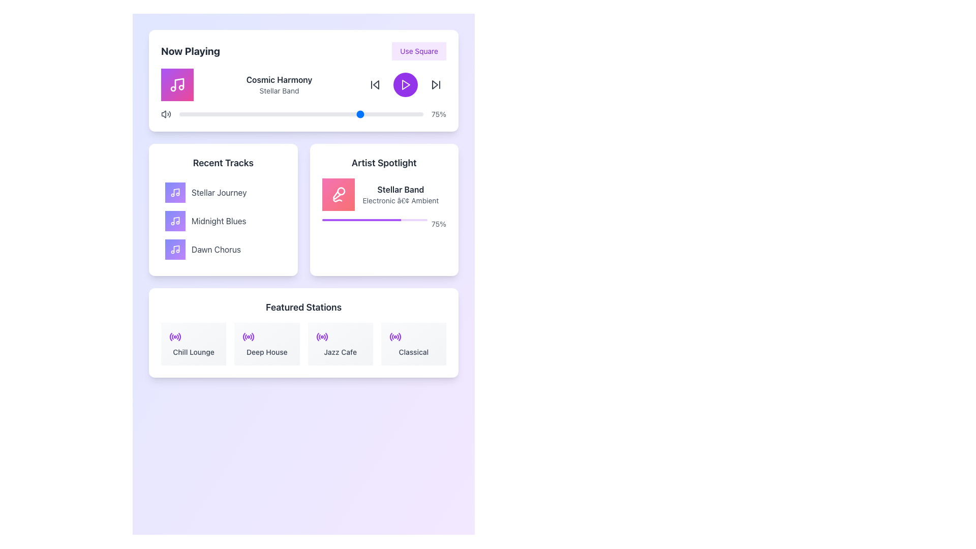 The height and width of the screenshot is (549, 976). Describe the element at coordinates (394, 337) in the screenshot. I see `the circular radio wave icon with purple concentric circles that is labeled 'Classical' underneath in the 'Featured Stations' section` at that location.